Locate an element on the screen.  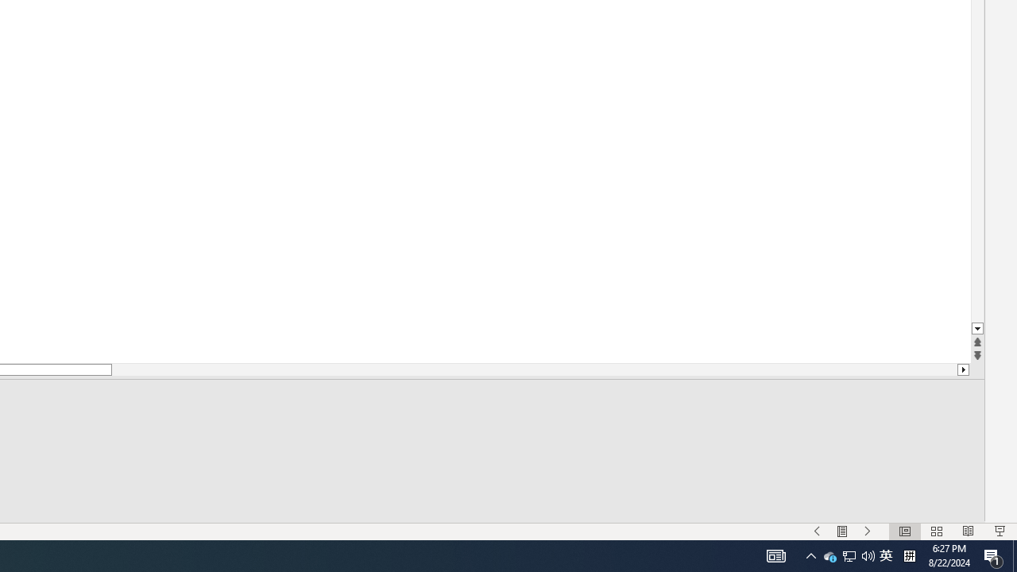
'Menu On' is located at coordinates (841, 531).